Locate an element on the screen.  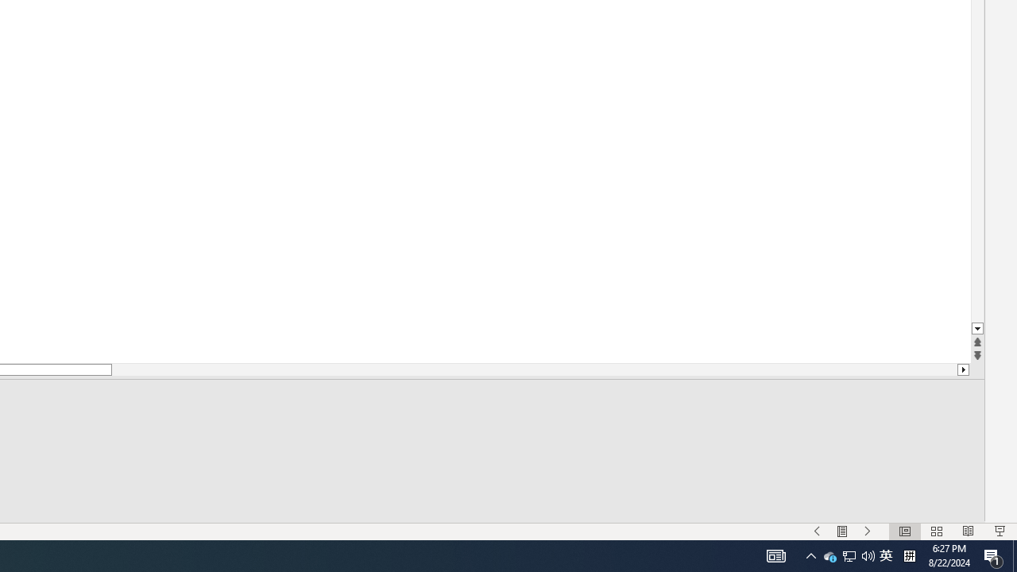
'Menu On' is located at coordinates (841, 531).